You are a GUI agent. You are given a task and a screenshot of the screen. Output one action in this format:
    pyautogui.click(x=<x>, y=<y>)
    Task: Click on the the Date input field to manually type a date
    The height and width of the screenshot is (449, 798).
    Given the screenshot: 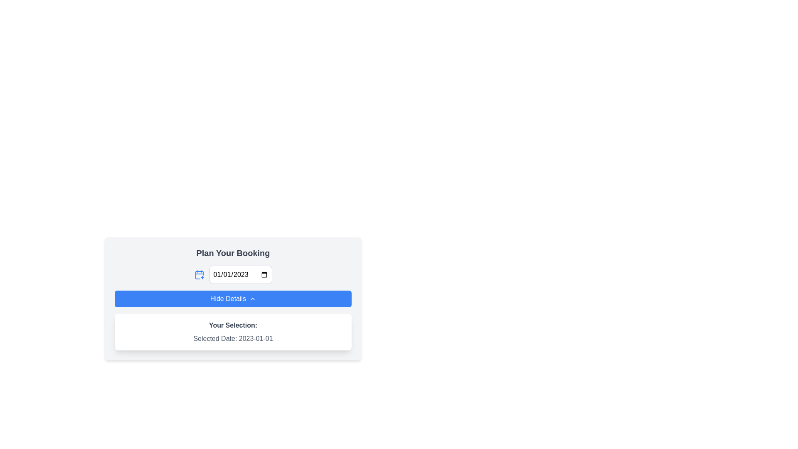 What is the action you would take?
    pyautogui.click(x=240, y=274)
    